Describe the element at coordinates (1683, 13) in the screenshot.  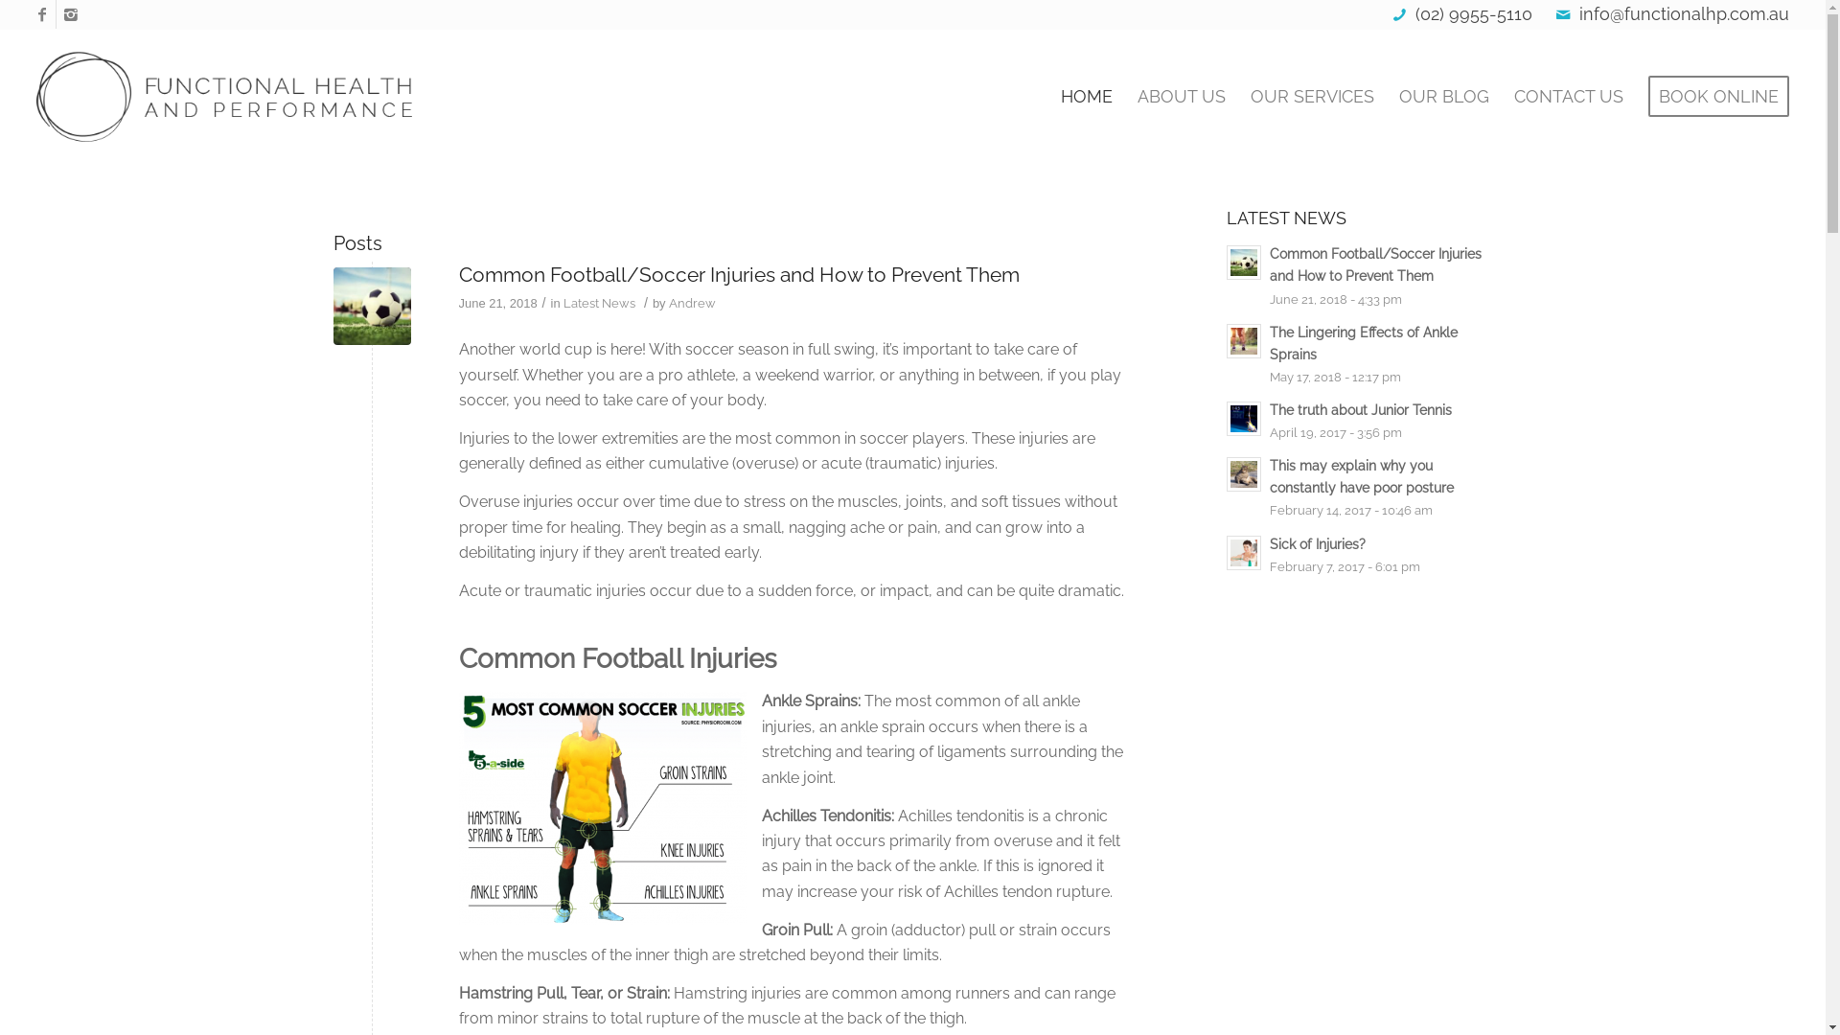
I see `'info@functionalhp.com.au'` at that location.